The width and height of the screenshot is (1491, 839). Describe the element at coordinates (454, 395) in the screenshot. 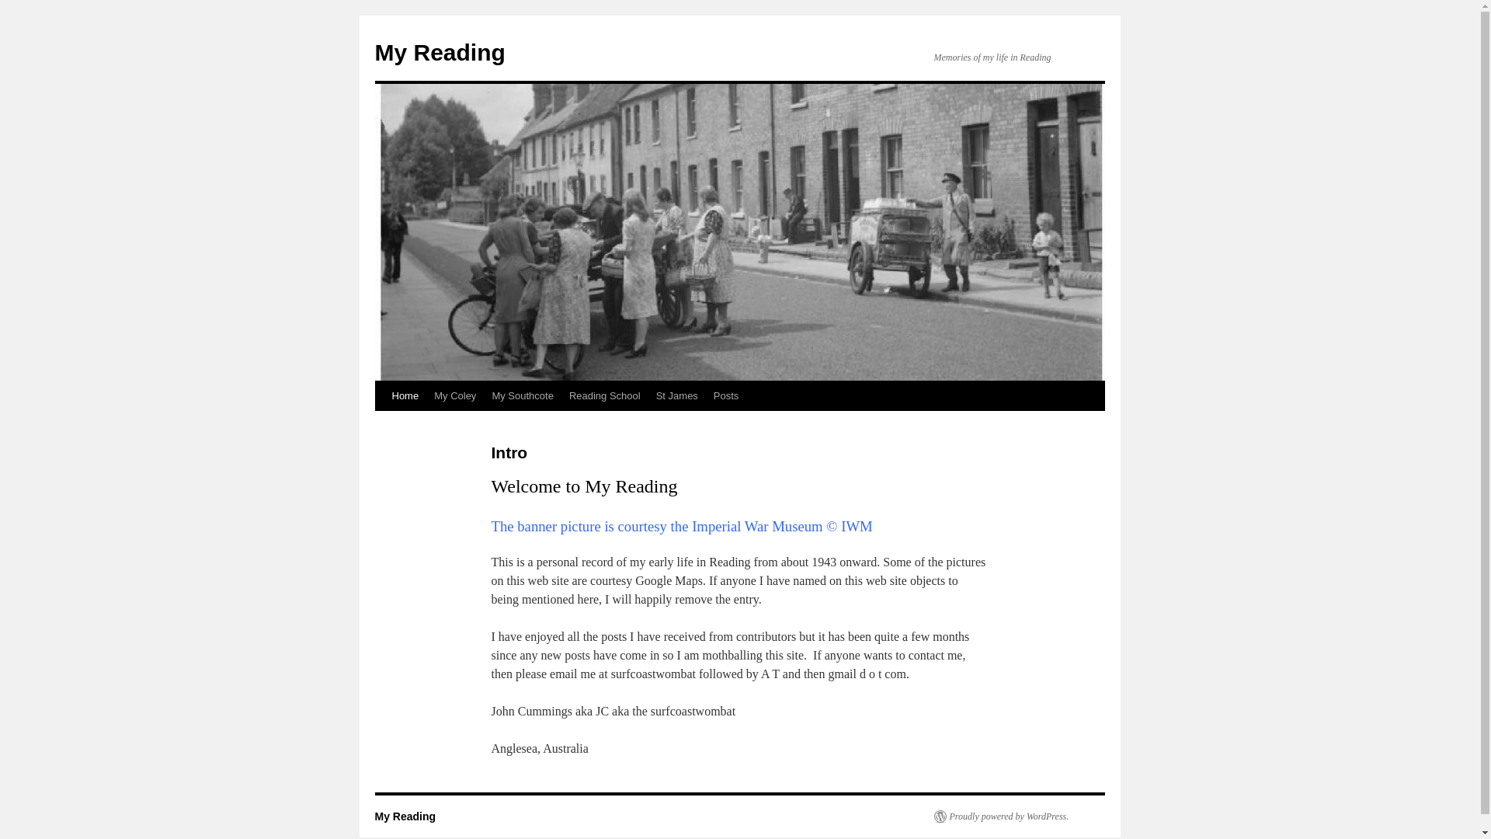

I see `'My Coley'` at that location.